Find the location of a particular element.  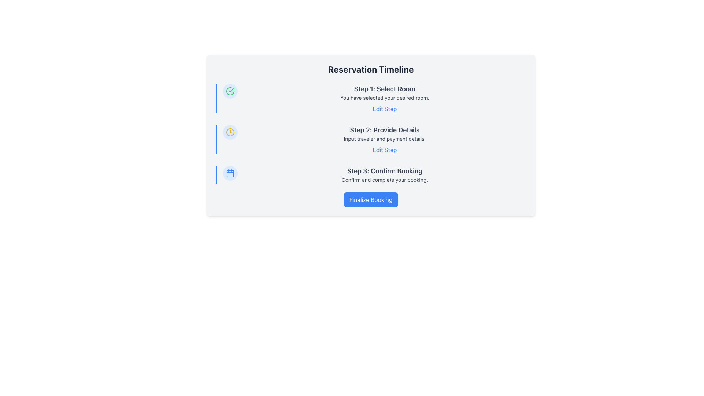

the third step icon in the reservation process timeline, located beside the label 'Step 3: Confirm Booking' is located at coordinates (230, 173).